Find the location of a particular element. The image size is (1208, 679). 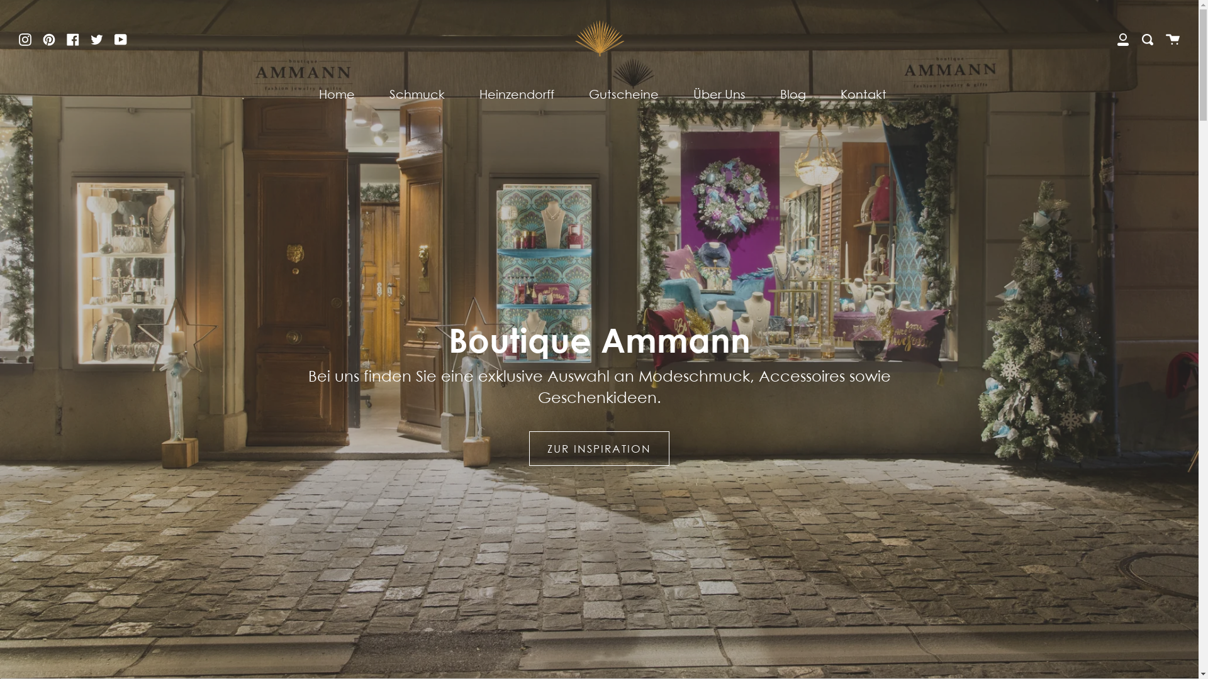

'Home' is located at coordinates (337, 94).